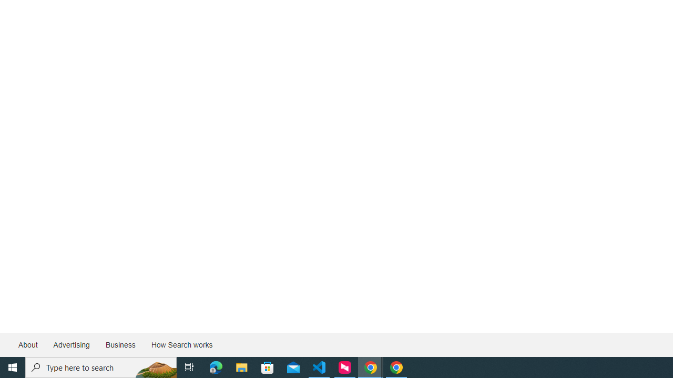 This screenshot has width=673, height=378. Describe the element at coordinates (120, 345) in the screenshot. I see `'Business'` at that location.